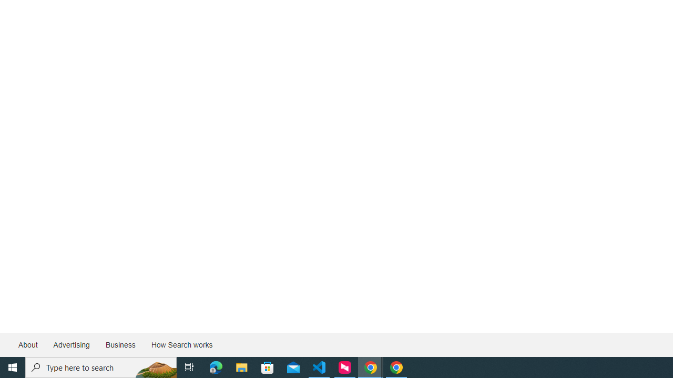 This screenshot has width=673, height=378. Describe the element at coordinates (120, 345) in the screenshot. I see `'Business'` at that location.